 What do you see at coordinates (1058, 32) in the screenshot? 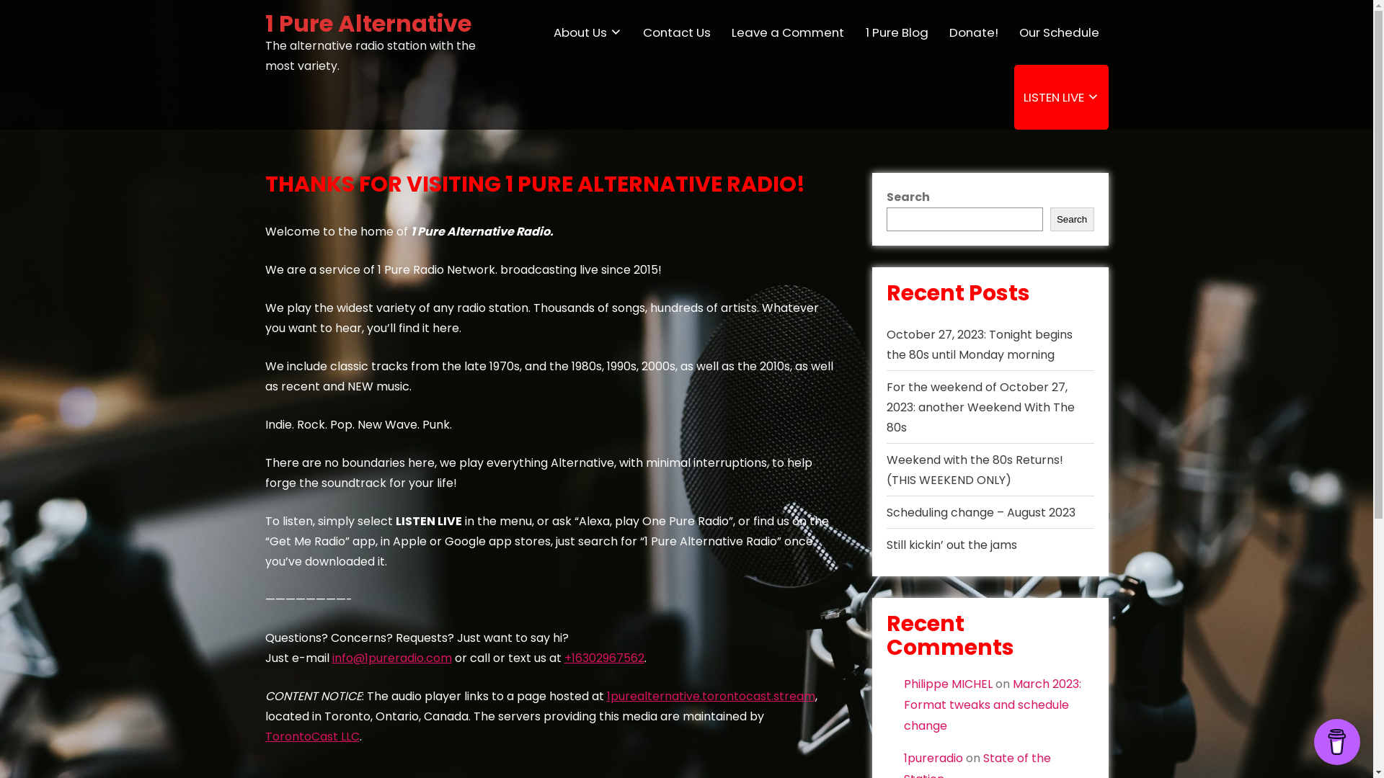
I see `'Our Schedule'` at bounding box center [1058, 32].